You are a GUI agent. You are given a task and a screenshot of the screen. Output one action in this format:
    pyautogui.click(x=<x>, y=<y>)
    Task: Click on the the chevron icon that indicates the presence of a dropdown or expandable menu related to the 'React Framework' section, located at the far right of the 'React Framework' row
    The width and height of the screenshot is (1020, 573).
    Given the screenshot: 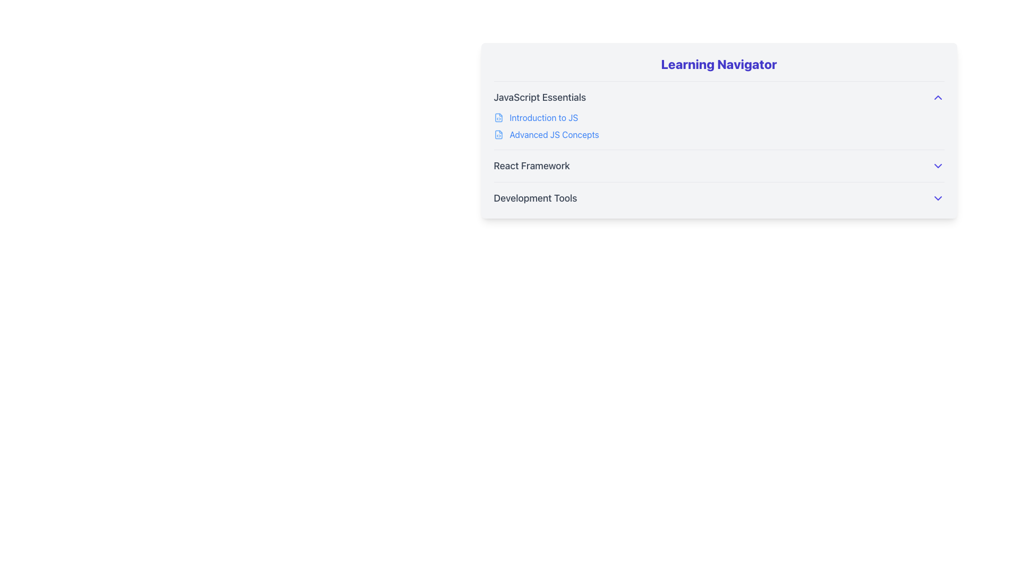 What is the action you would take?
    pyautogui.click(x=938, y=166)
    